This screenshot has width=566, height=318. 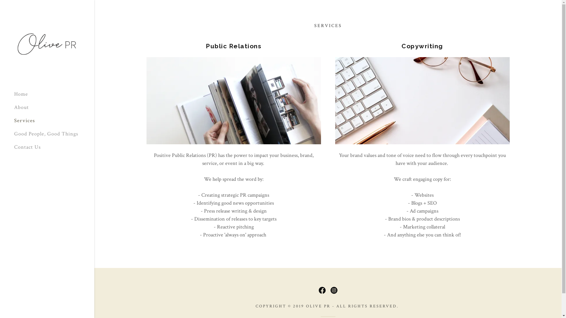 I want to click on 'Home', so click(x=21, y=94).